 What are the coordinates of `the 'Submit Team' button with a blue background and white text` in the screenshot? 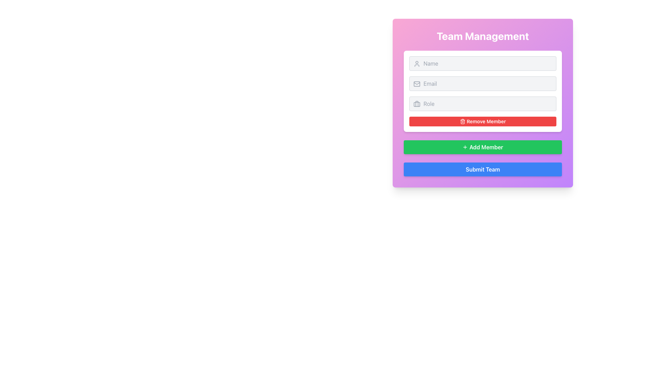 It's located at (483, 169).